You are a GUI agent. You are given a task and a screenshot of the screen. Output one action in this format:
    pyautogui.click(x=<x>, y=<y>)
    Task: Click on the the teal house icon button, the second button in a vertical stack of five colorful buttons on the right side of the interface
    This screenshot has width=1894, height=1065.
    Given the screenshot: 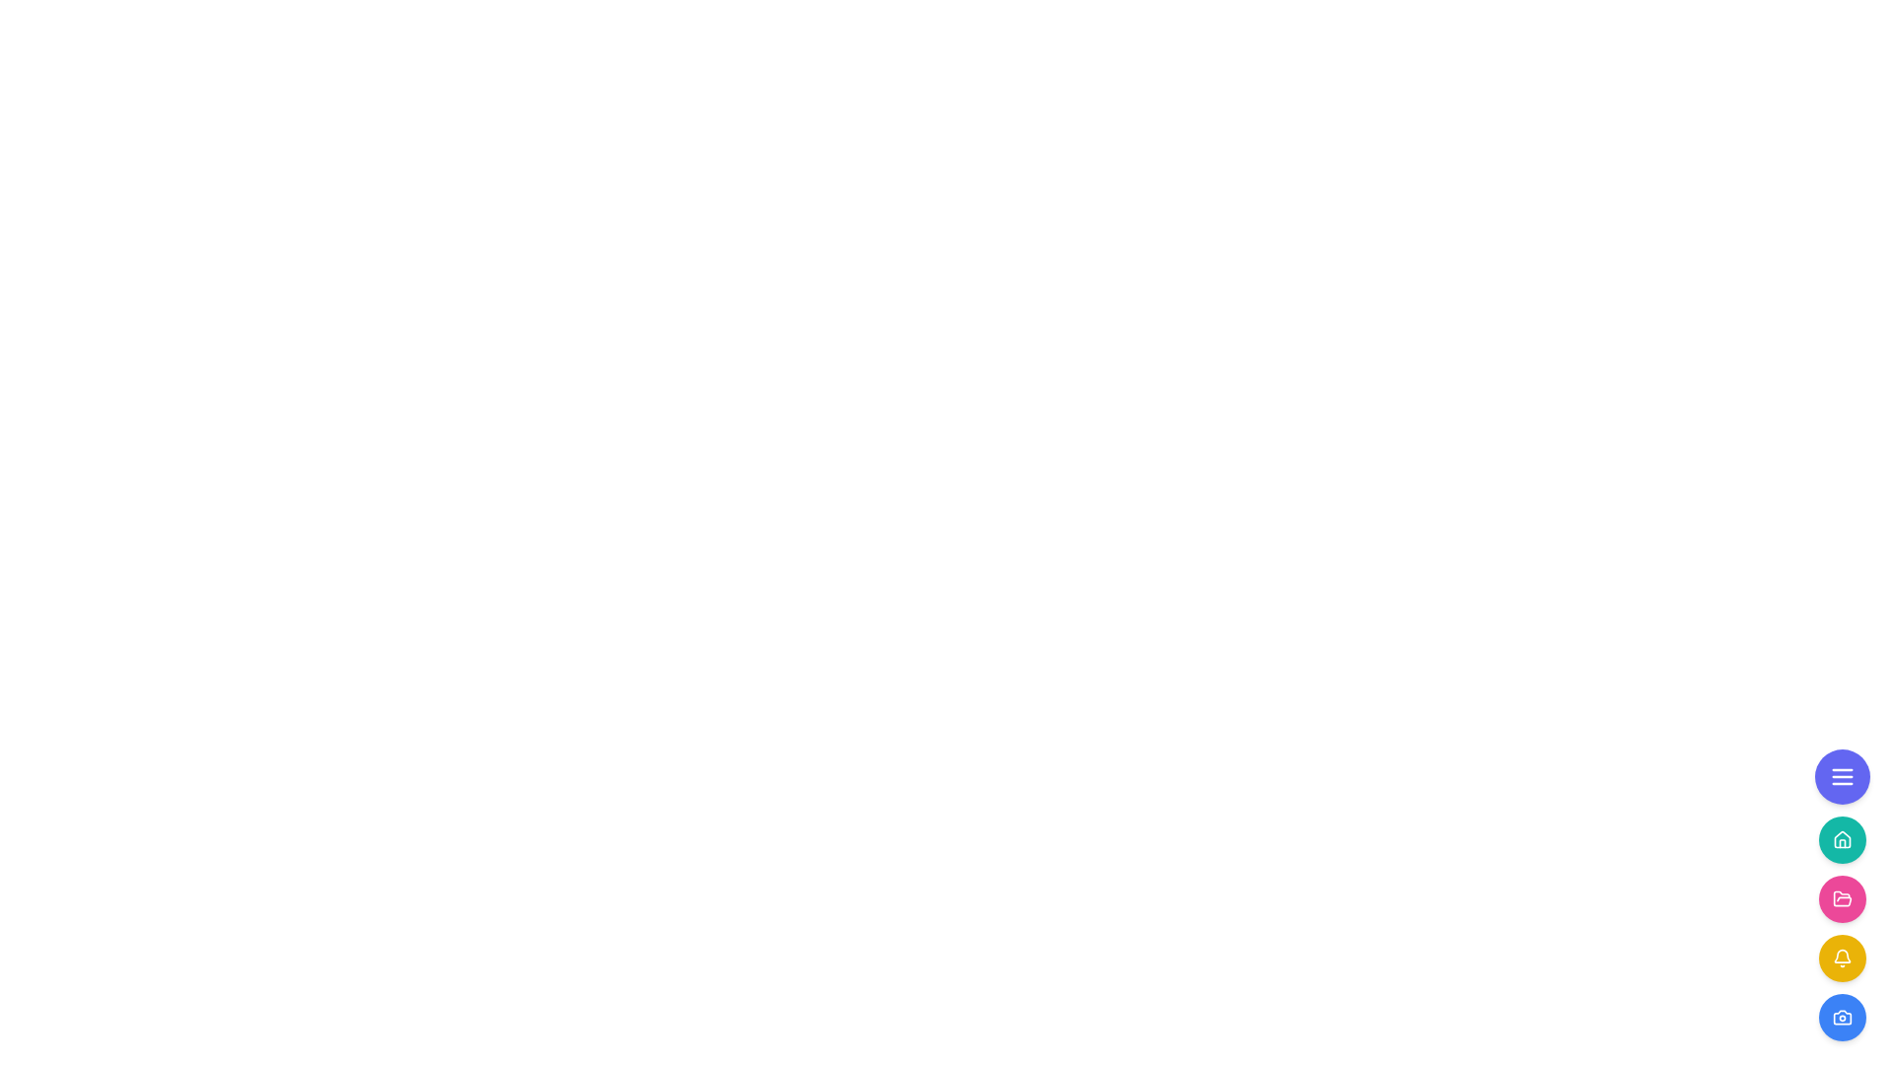 What is the action you would take?
    pyautogui.click(x=1841, y=839)
    